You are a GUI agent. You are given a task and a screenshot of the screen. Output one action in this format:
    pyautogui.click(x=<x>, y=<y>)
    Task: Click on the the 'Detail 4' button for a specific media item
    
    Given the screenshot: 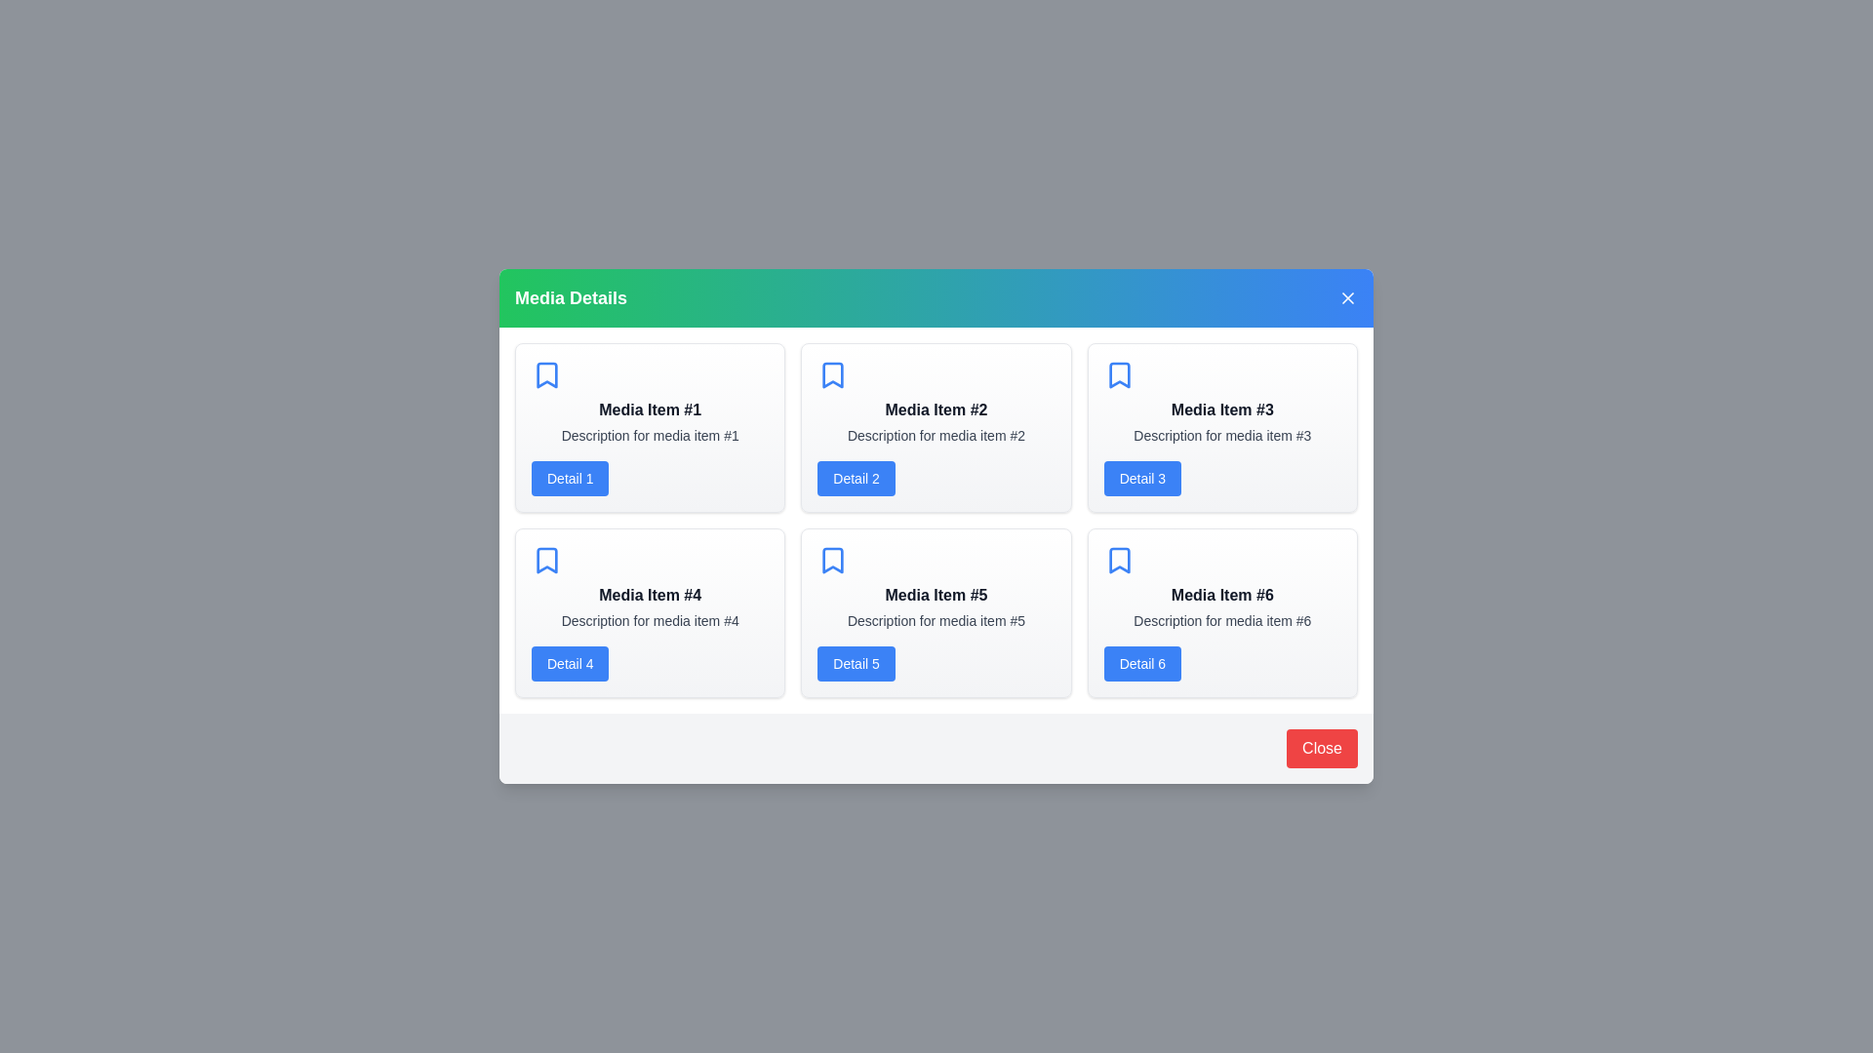 What is the action you would take?
    pyautogui.click(x=569, y=663)
    